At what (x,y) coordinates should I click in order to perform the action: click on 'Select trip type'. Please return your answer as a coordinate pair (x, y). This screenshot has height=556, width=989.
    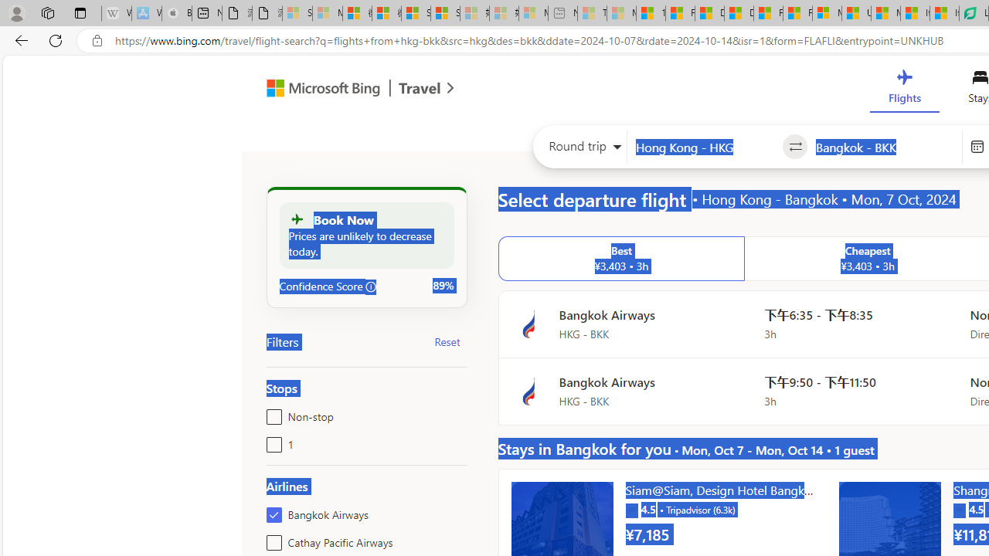
    Looking at the image, I should click on (579, 150).